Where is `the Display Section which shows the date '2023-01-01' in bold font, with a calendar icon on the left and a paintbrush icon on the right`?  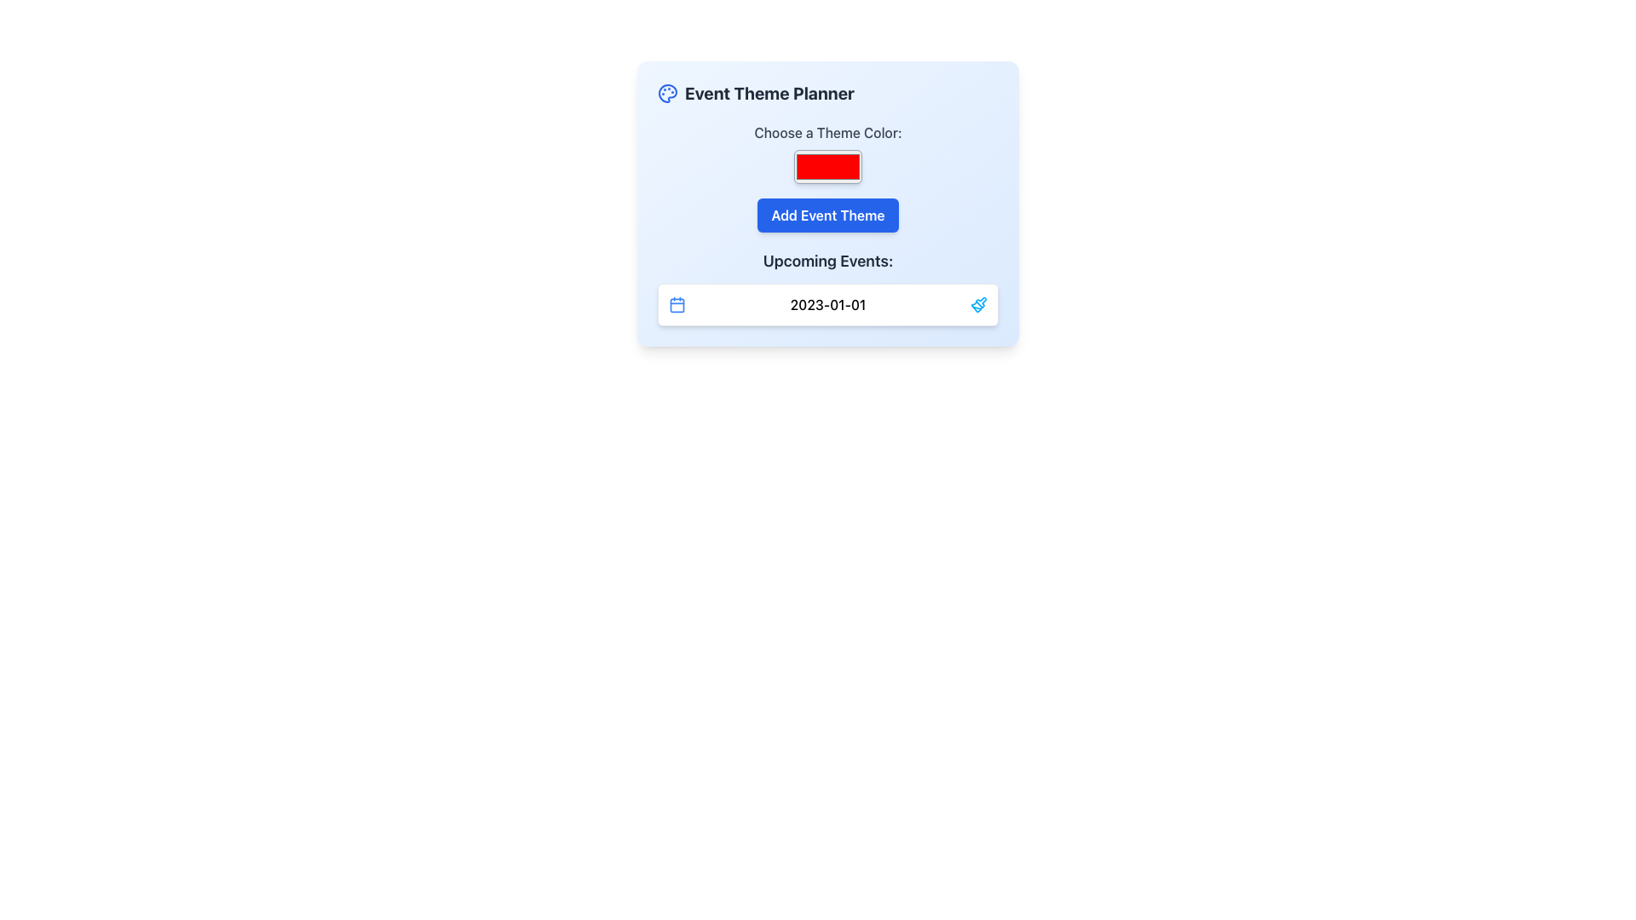
the Display Section which shows the date '2023-01-01' in bold font, with a calendar icon on the left and a paintbrush icon on the right is located at coordinates (827, 304).